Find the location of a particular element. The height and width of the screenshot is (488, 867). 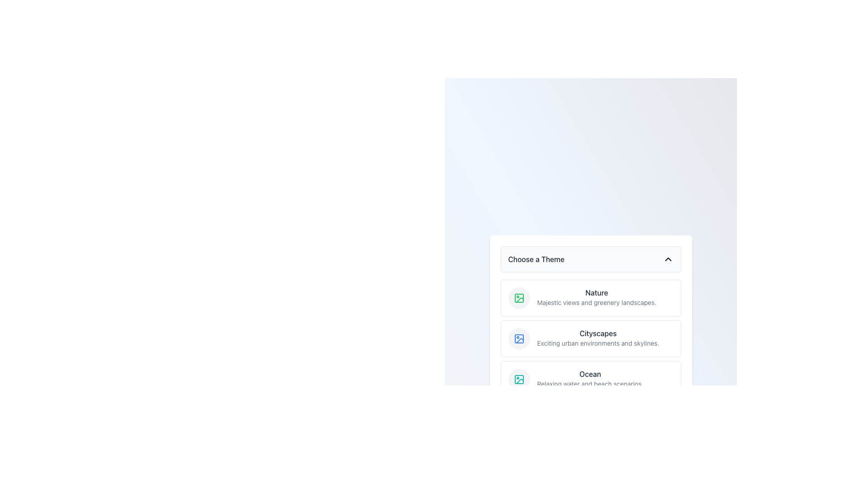

the green framed picture icon representing the 'Nature' option in the selection menu, which includes 'Cityscapes' and 'Ocean.' is located at coordinates (519, 298).